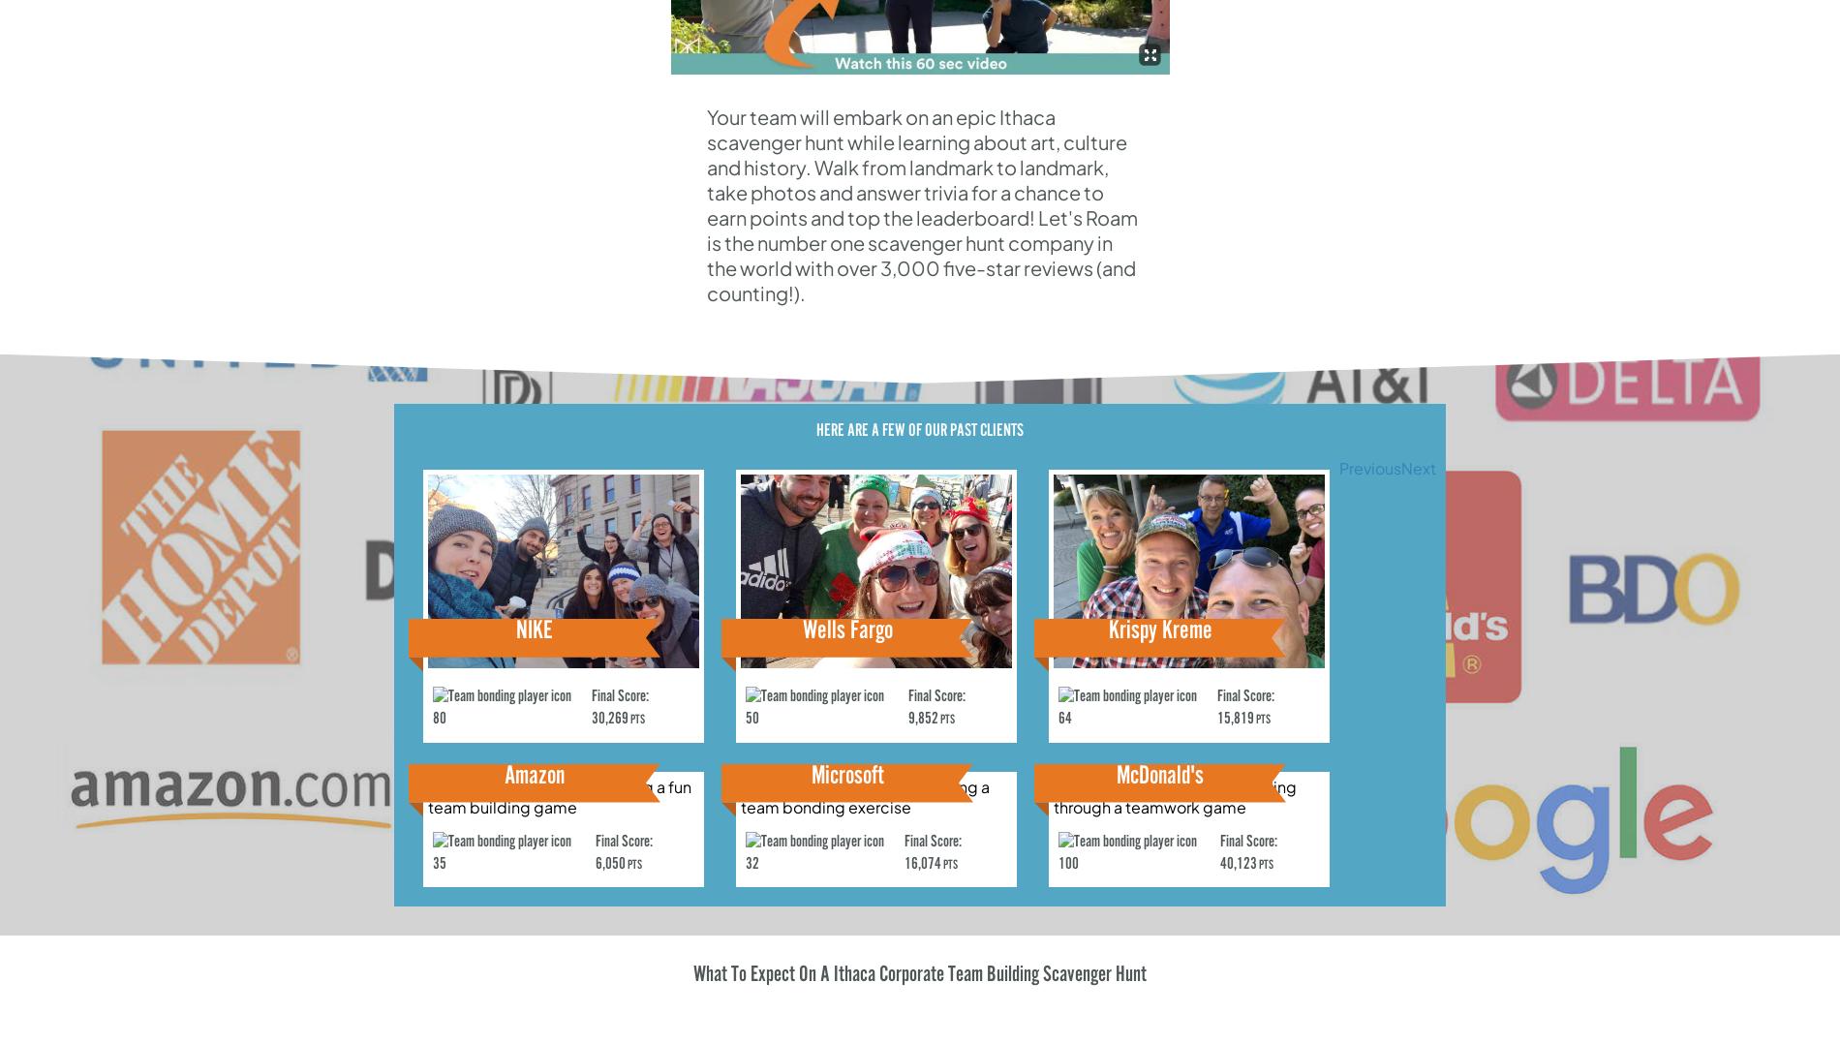 The height and width of the screenshot is (1044, 1840). Describe the element at coordinates (933, 851) in the screenshot. I see `'Final Score: 16,074'` at that location.